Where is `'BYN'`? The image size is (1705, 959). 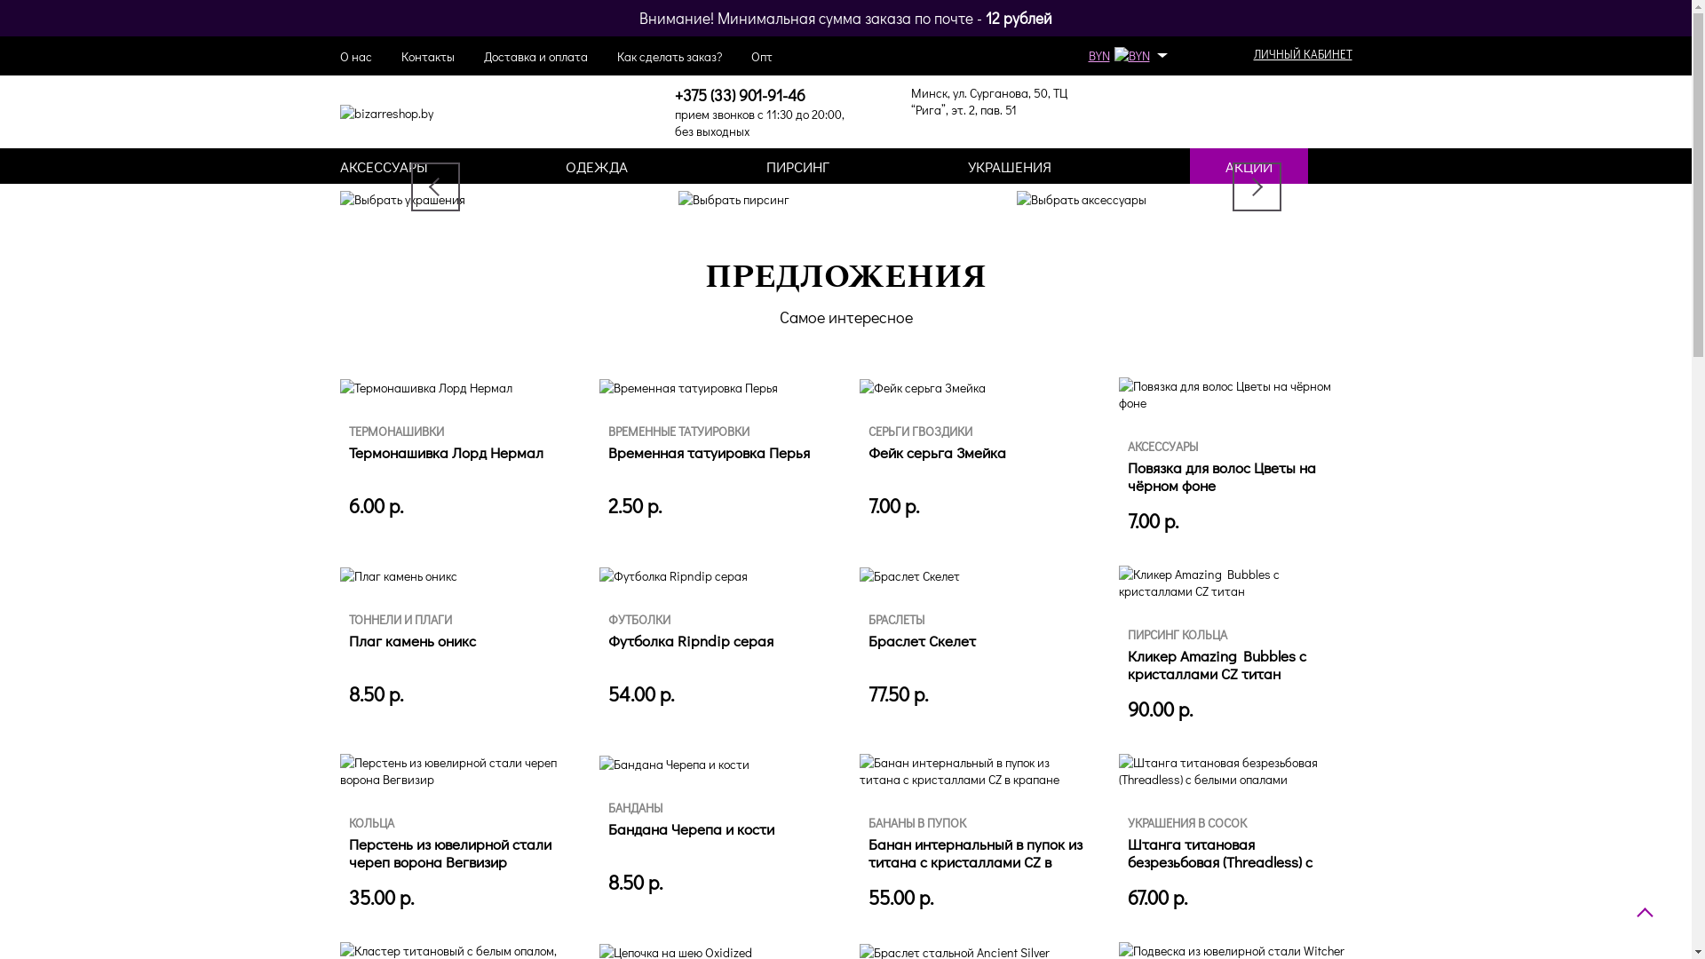
'BYN' is located at coordinates (1130, 54).